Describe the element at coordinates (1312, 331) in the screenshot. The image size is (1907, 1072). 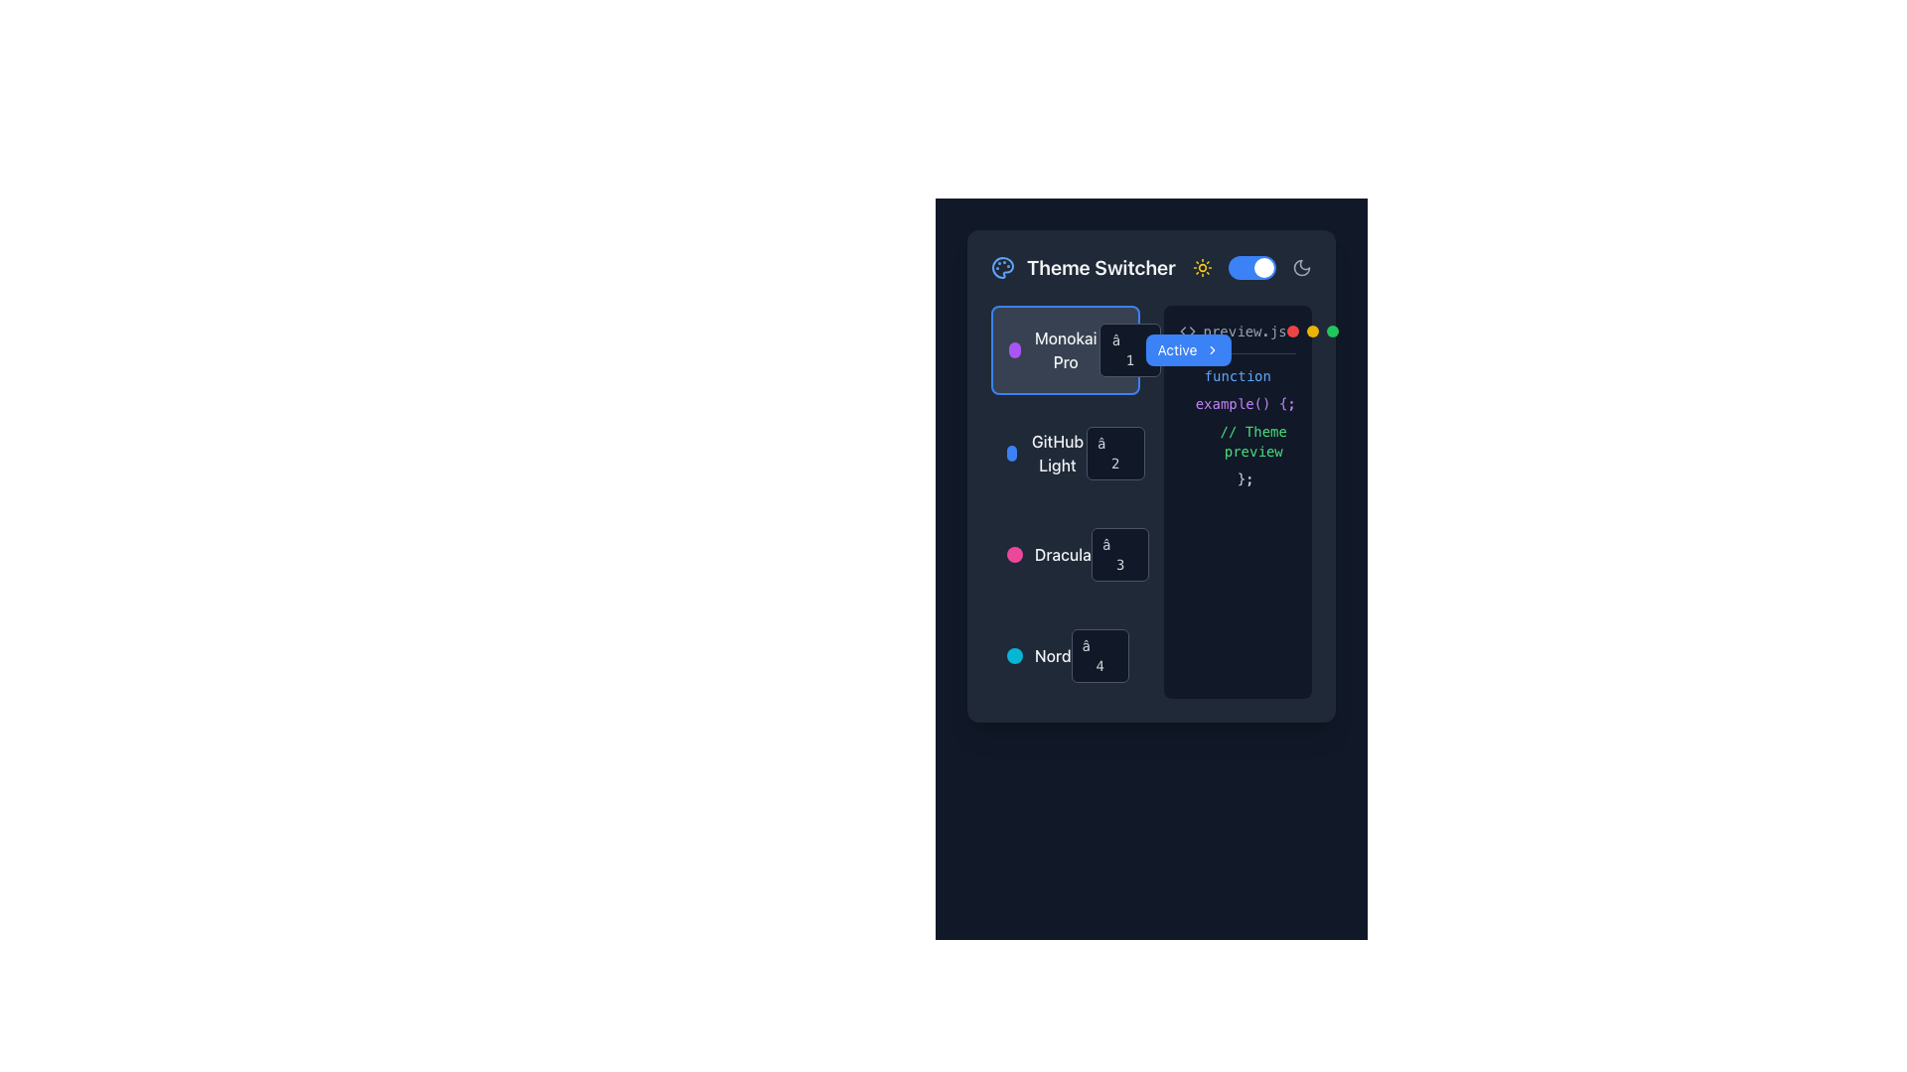
I see `the red circular button in the Control Button Group located at the top right corner of the 'preview.js' section` at that location.